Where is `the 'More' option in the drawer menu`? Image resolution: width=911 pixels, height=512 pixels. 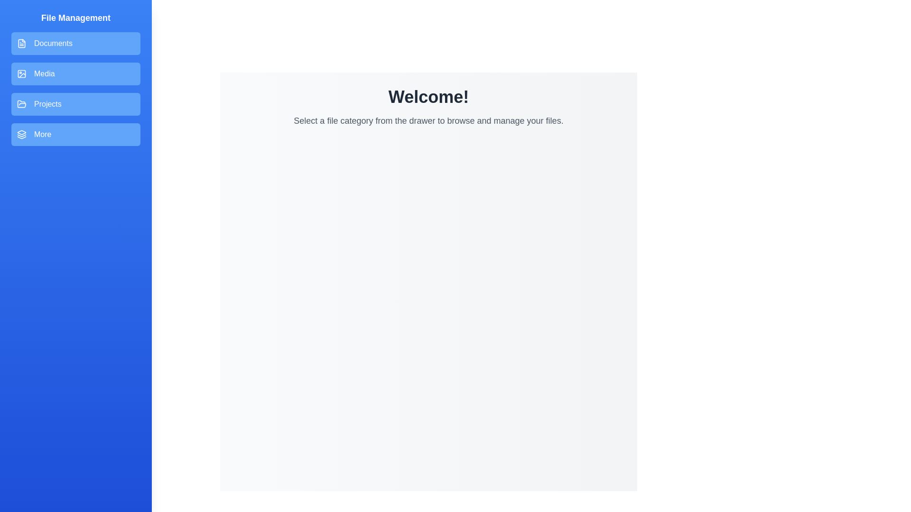
the 'More' option in the drawer menu is located at coordinates (75, 135).